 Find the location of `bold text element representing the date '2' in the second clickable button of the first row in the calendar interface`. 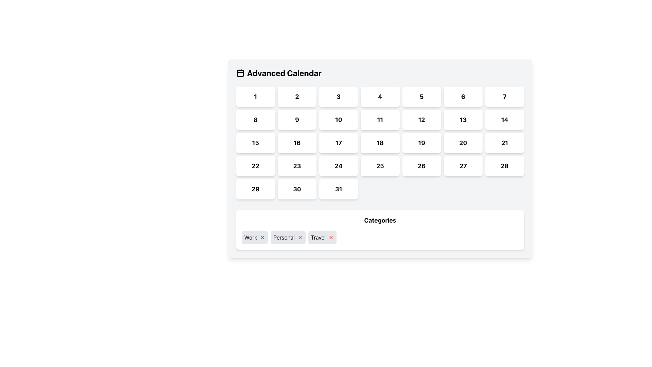

bold text element representing the date '2' in the second clickable button of the first row in the calendar interface is located at coordinates (297, 97).